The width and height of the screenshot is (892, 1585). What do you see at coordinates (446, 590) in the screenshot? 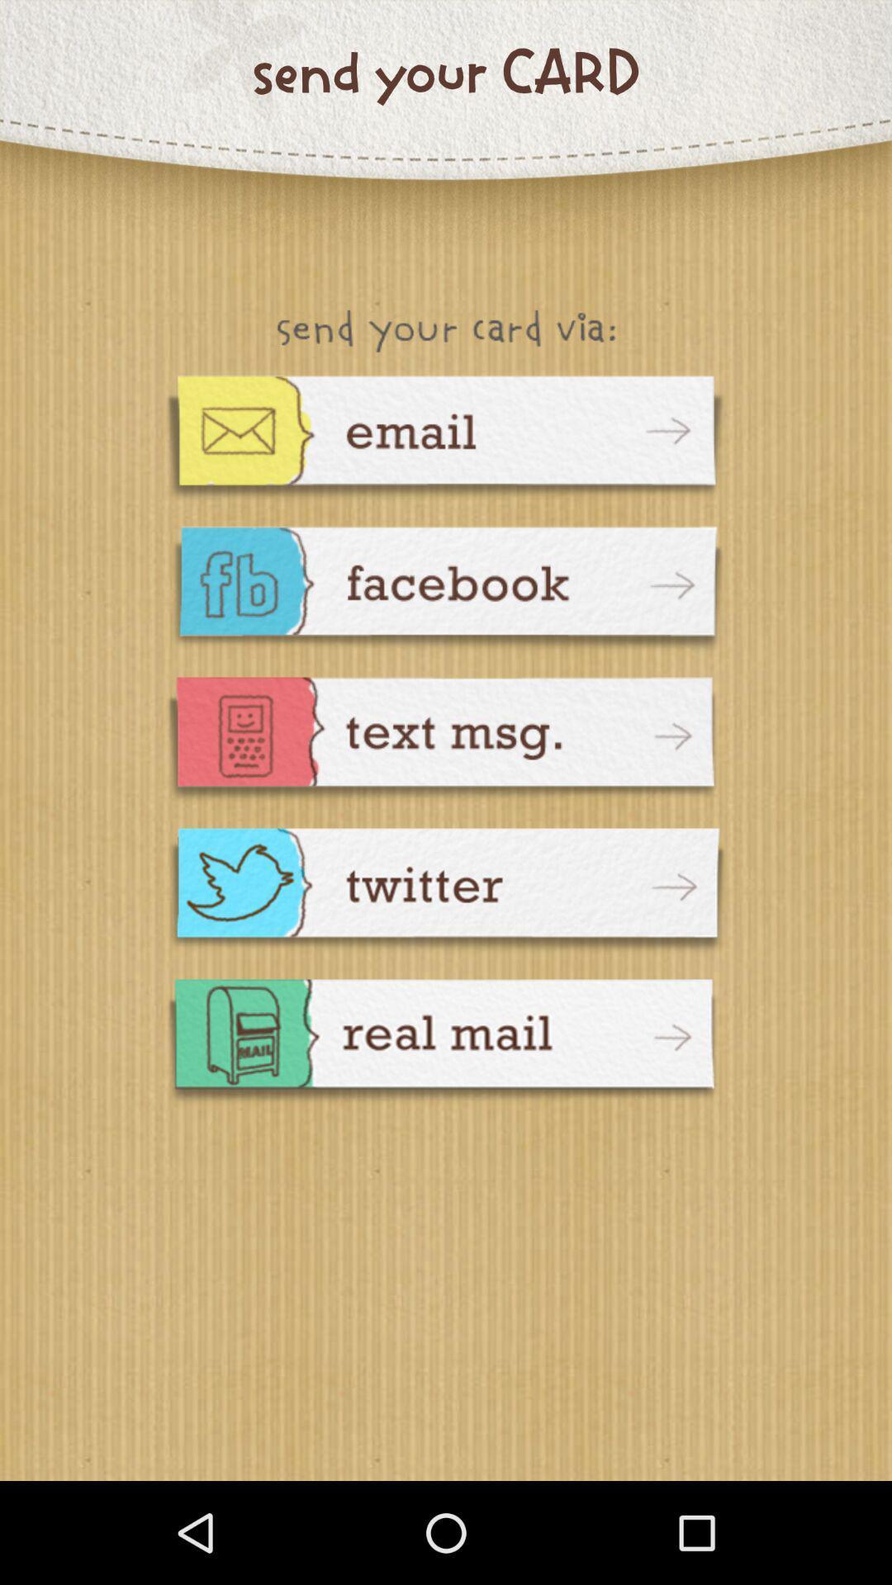
I see `facebook icon` at bounding box center [446, 590].